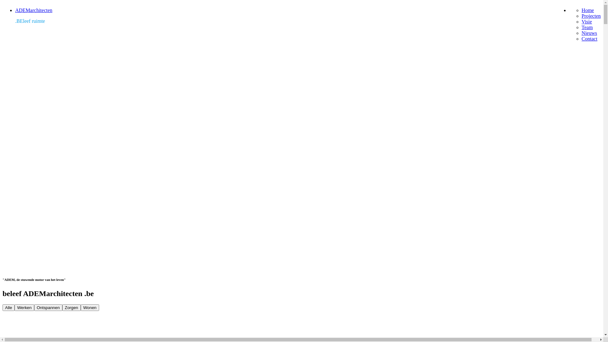  I want to click on 'Werken', so click(24, 307).